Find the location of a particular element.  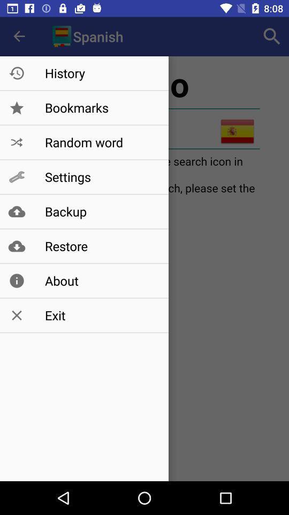

the random word icon is located at coordinates (101, 142).